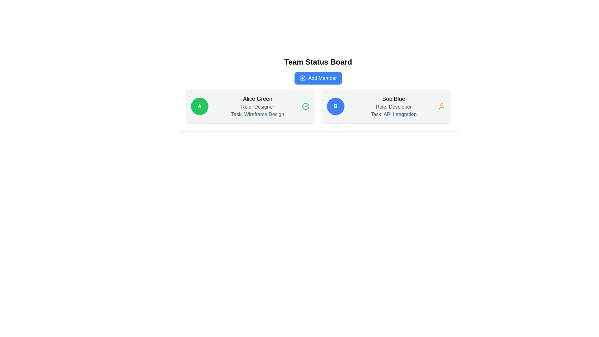 The width and height of the screenshot is (599, 337). I want to click on the text-based information display for 'Bob Blue', which includes the role 'Developer' and task 'API Integration', located in the right card of the Team Status Board section, so click(393, 106).